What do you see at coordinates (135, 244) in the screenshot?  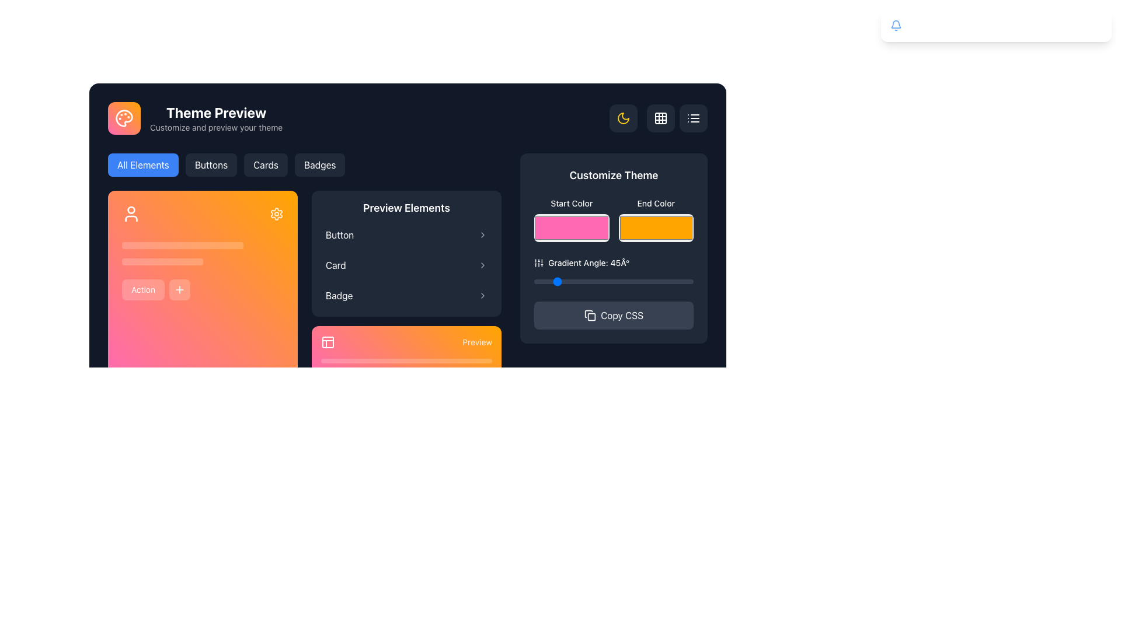 I see `the slider` at bounding box center [135, 244].